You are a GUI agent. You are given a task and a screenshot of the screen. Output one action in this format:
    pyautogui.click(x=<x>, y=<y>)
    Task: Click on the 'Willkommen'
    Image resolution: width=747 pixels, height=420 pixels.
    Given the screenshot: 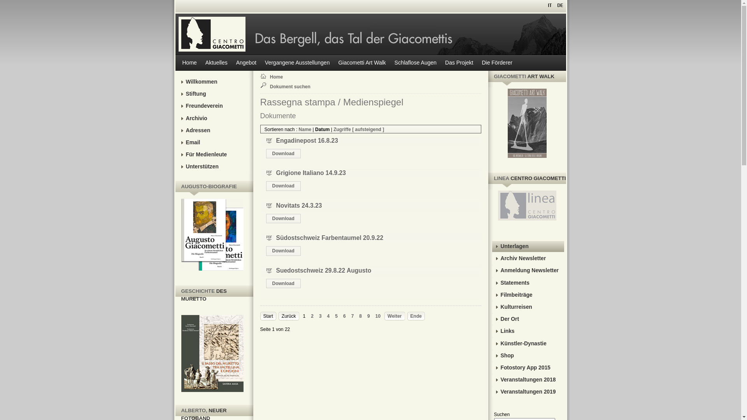 What is the action you would take?
    pyautogui.click(x=213, y=82)
    